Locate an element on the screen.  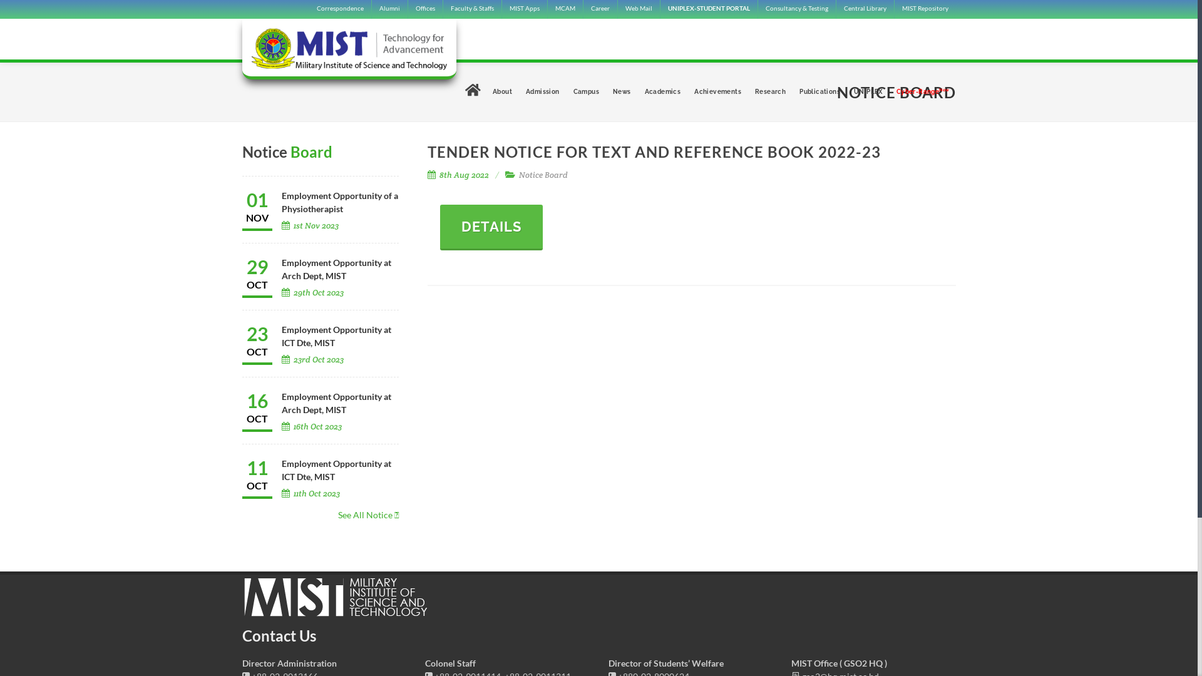
'UNIPLEX' is located at coordinates (868, 91).